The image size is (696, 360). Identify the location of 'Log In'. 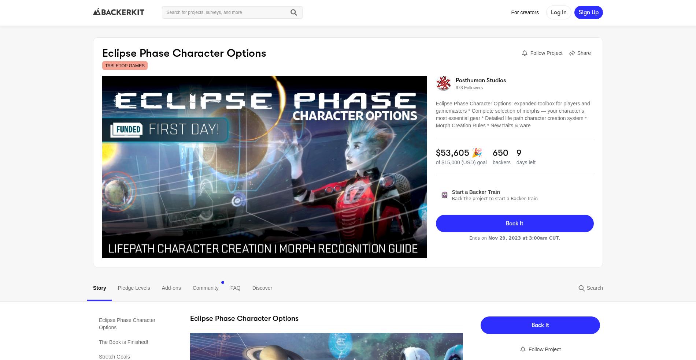
(551, 12).